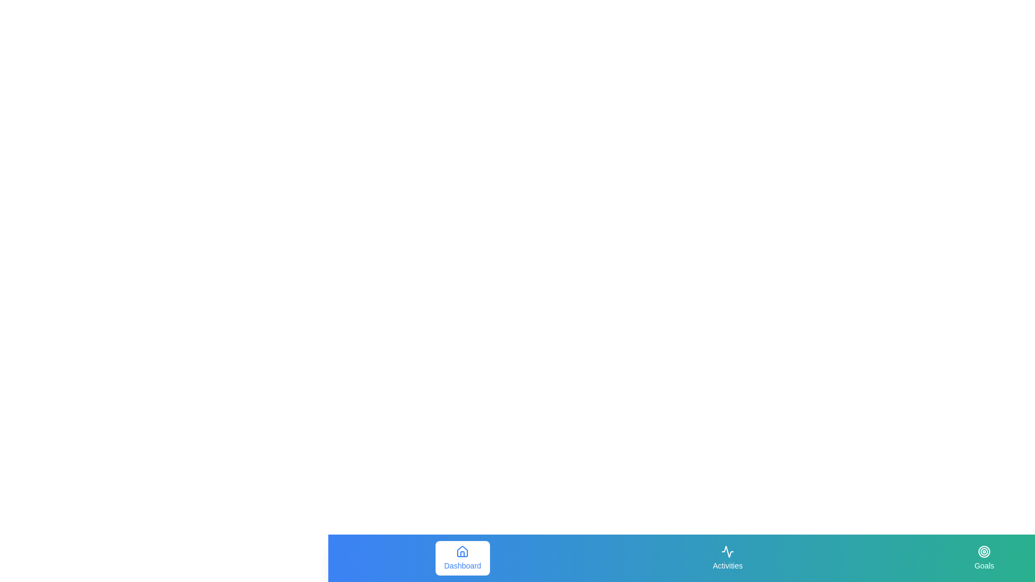  Describe the element at coordinates (728, 558) in the screenshot. I see `the navigation tab Activities by clicking on its corresponding button` at that location.